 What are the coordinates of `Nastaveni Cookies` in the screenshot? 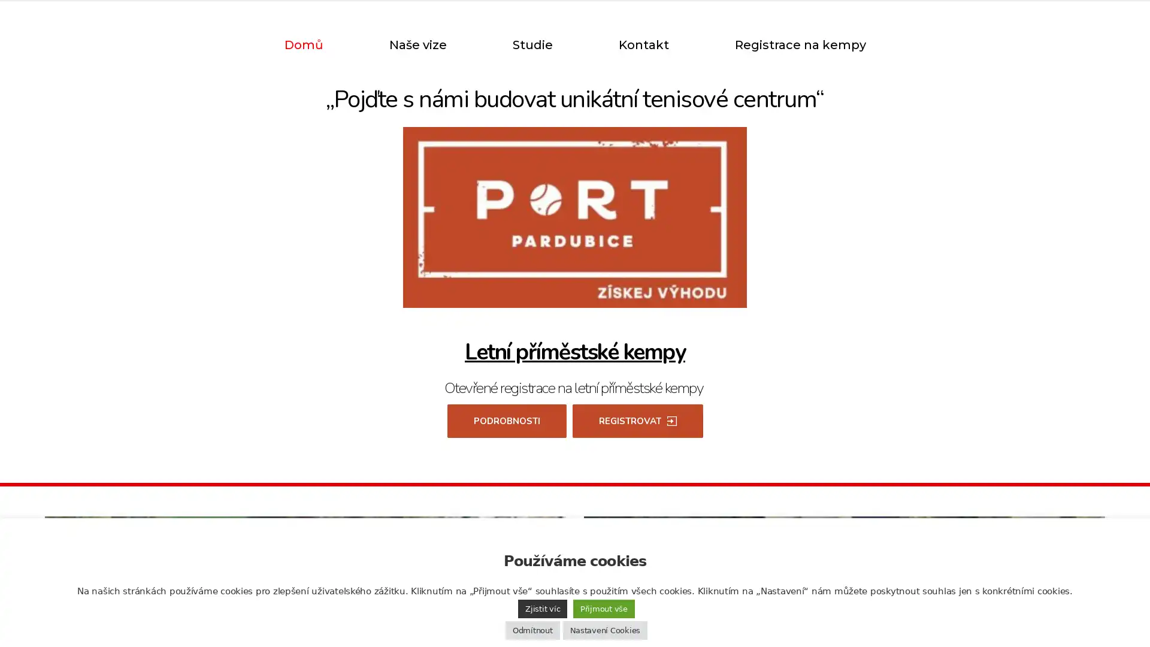 It's located at (604, 630).